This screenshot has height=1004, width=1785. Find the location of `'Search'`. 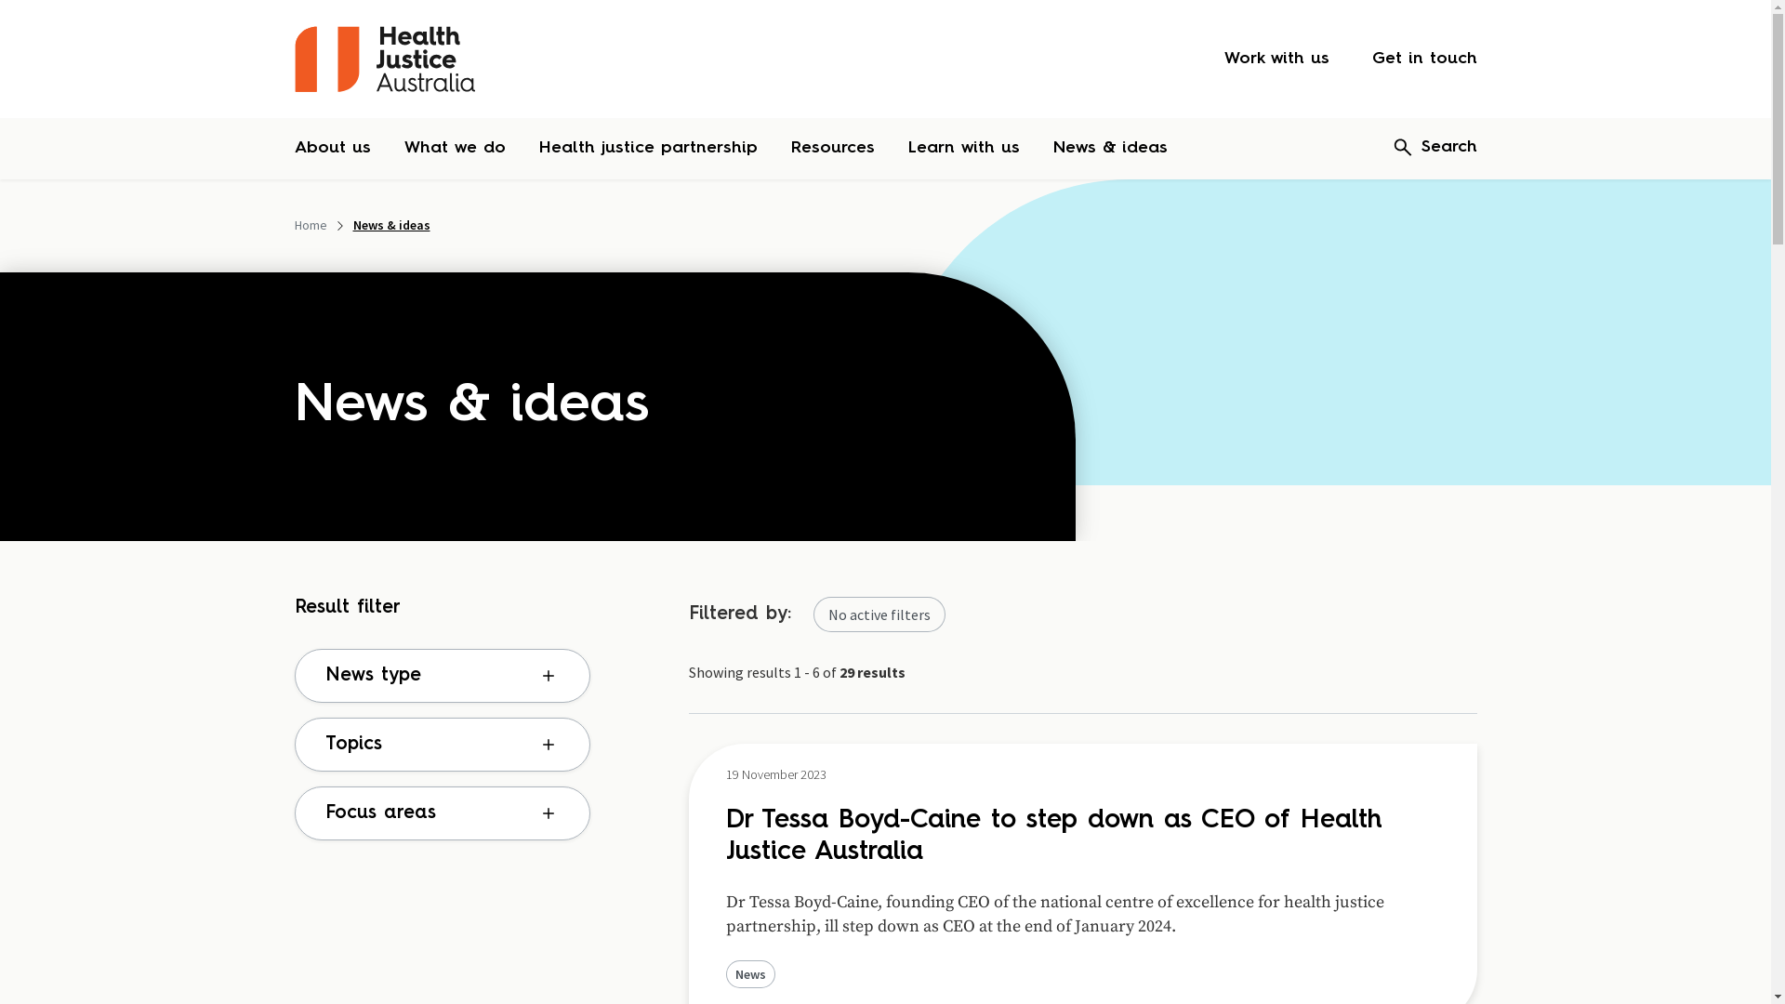

'Search' is located at coordinates (1433, 147).